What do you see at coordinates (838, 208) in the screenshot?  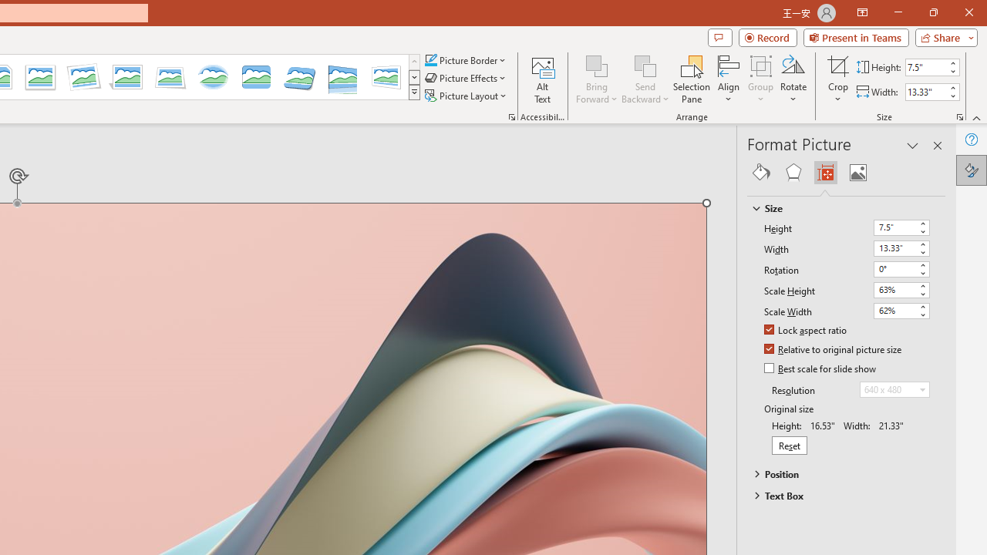 I see `'Size'` at bounding box center [838, 208].